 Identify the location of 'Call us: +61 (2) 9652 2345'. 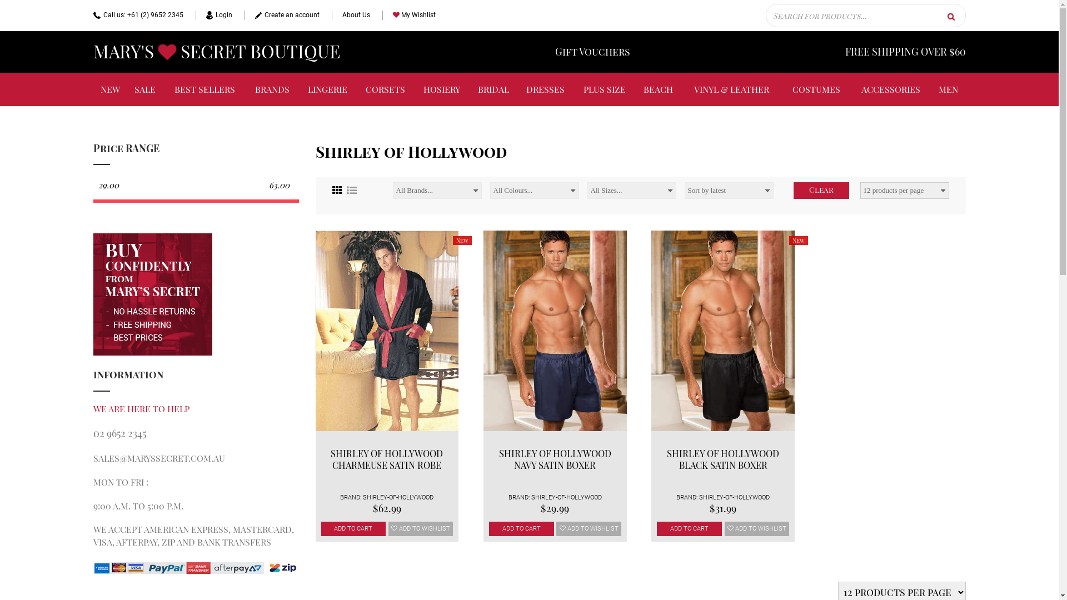
(93, 15).